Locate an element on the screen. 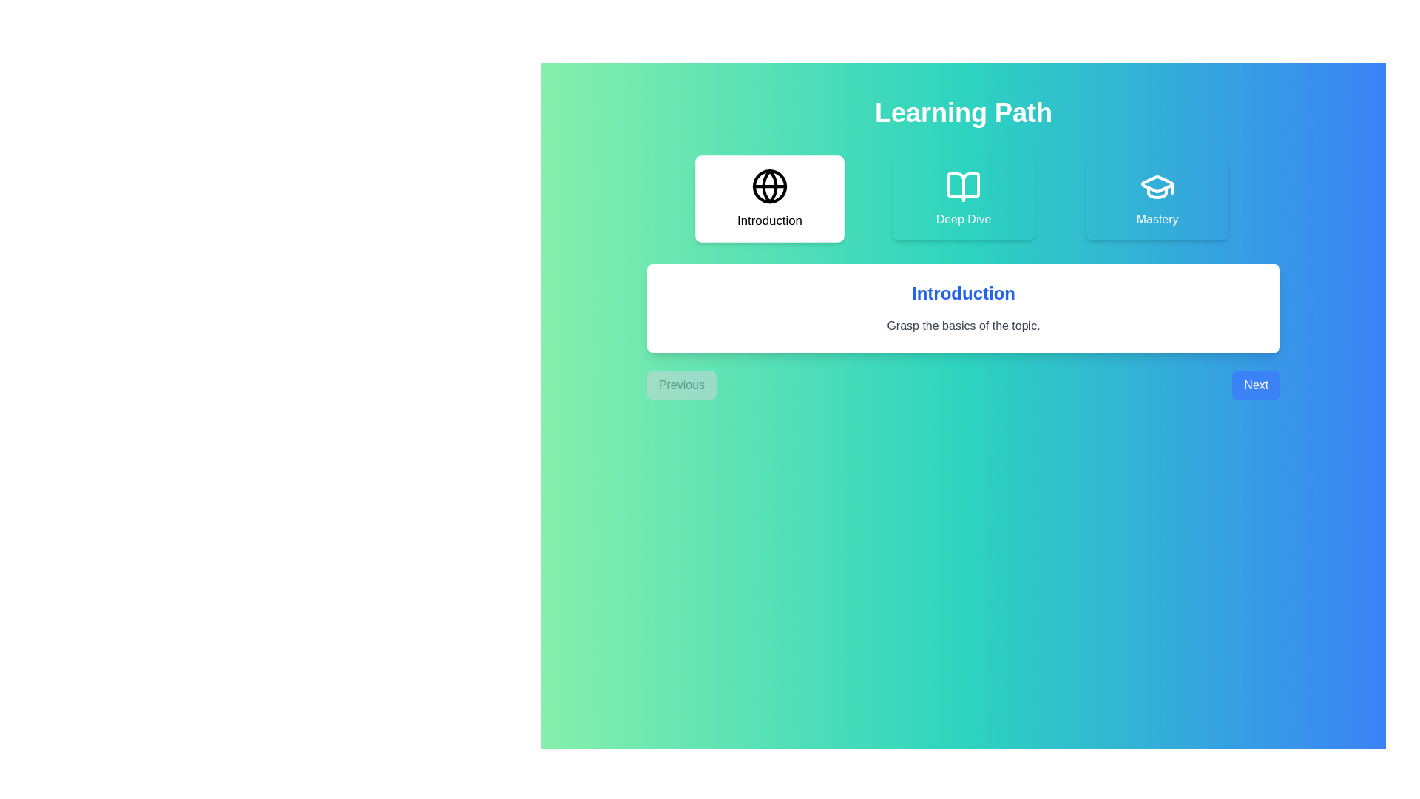 The width and height of the screenshot is (1420, 799). the 'Next' button to navigate to the next stage is located at coordinates (1255, 384).